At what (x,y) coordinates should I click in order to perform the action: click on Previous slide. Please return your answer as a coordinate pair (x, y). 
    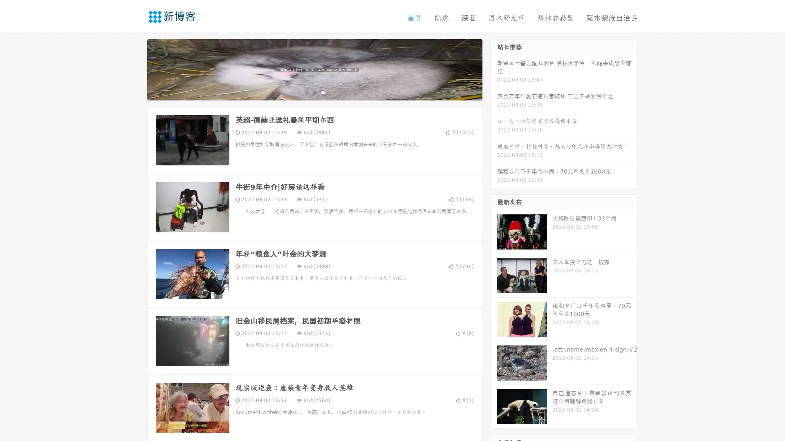
    Looking at the image, I should click on (135, 69).